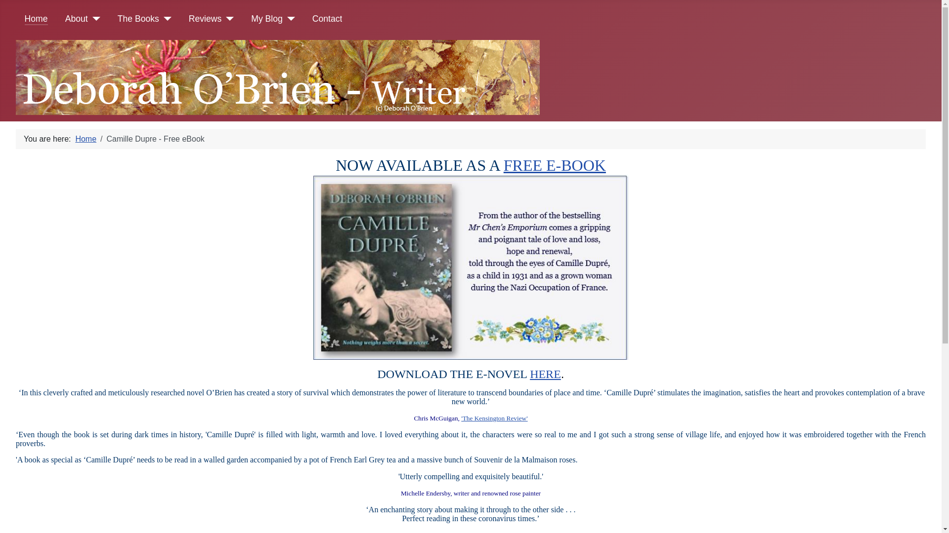  What do you see at coordinates (266, 19) in the screenshot?
I see `'My Blog'` at bounding box center [266, 19].